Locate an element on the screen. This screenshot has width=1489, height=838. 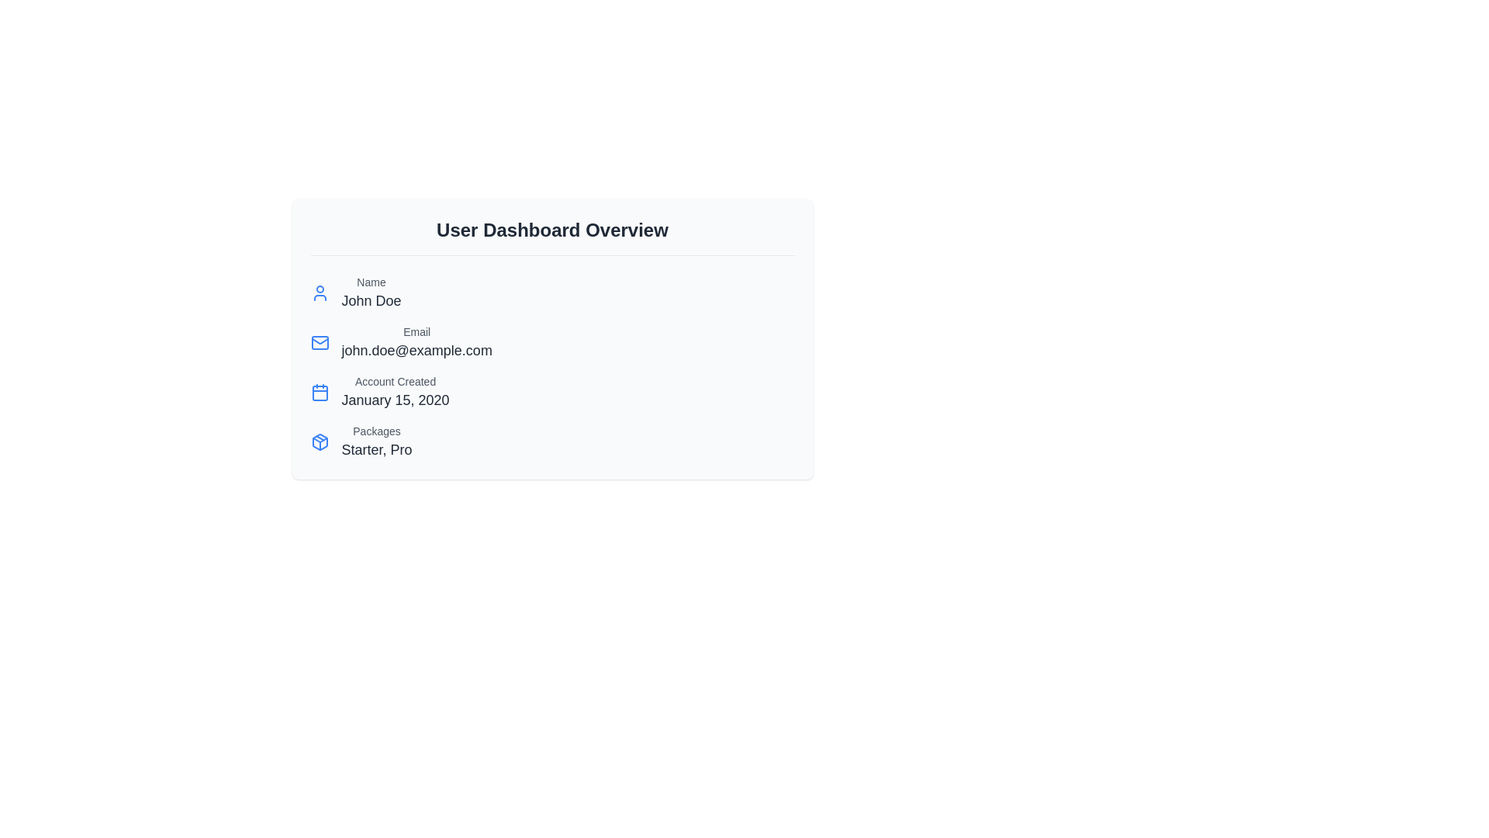
the text label displaying 'John Doe' is located at coordinates (371, 301).